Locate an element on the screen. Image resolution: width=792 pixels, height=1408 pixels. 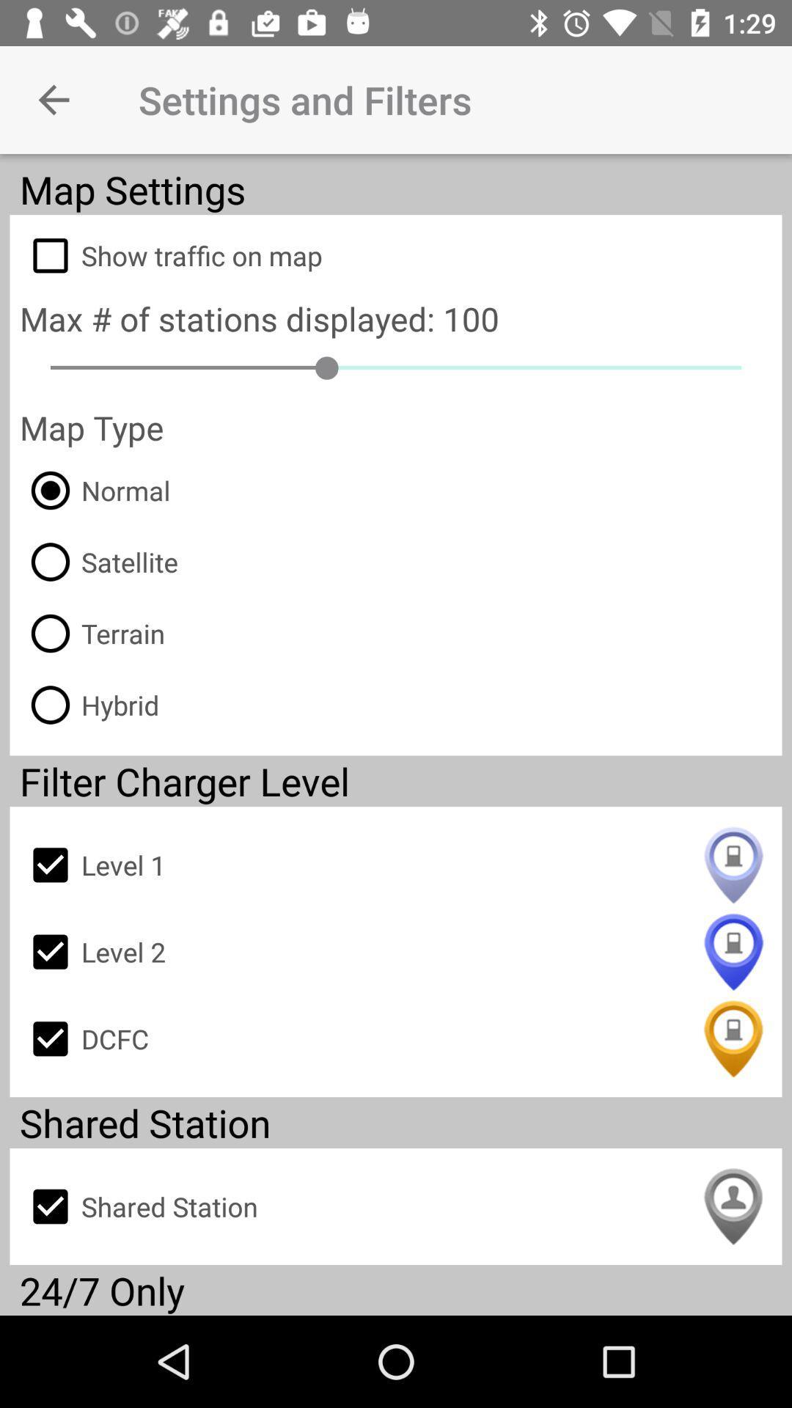
dcfc item is located at coordinates (396, 1038).